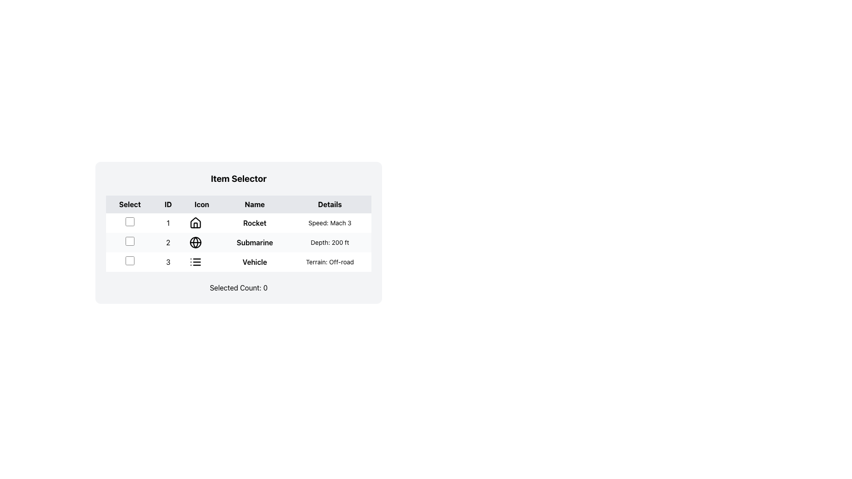  I want to click on the second checkbox, so click(129, 241).